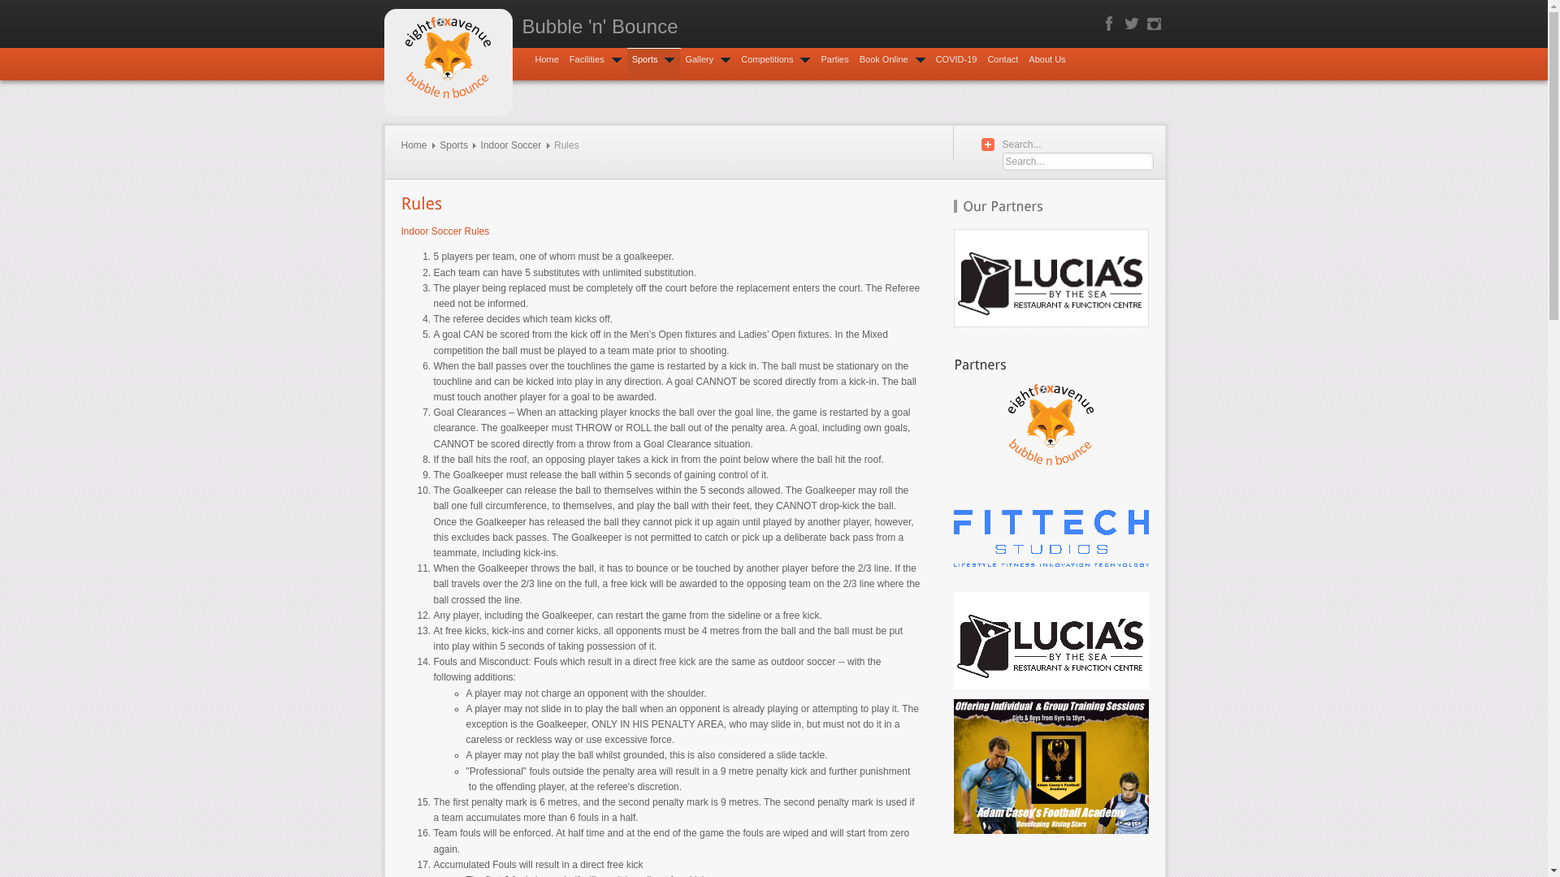  Describe the element at coordinates (1028, 64) in the screenshot. I see `'About Us'` at that location.